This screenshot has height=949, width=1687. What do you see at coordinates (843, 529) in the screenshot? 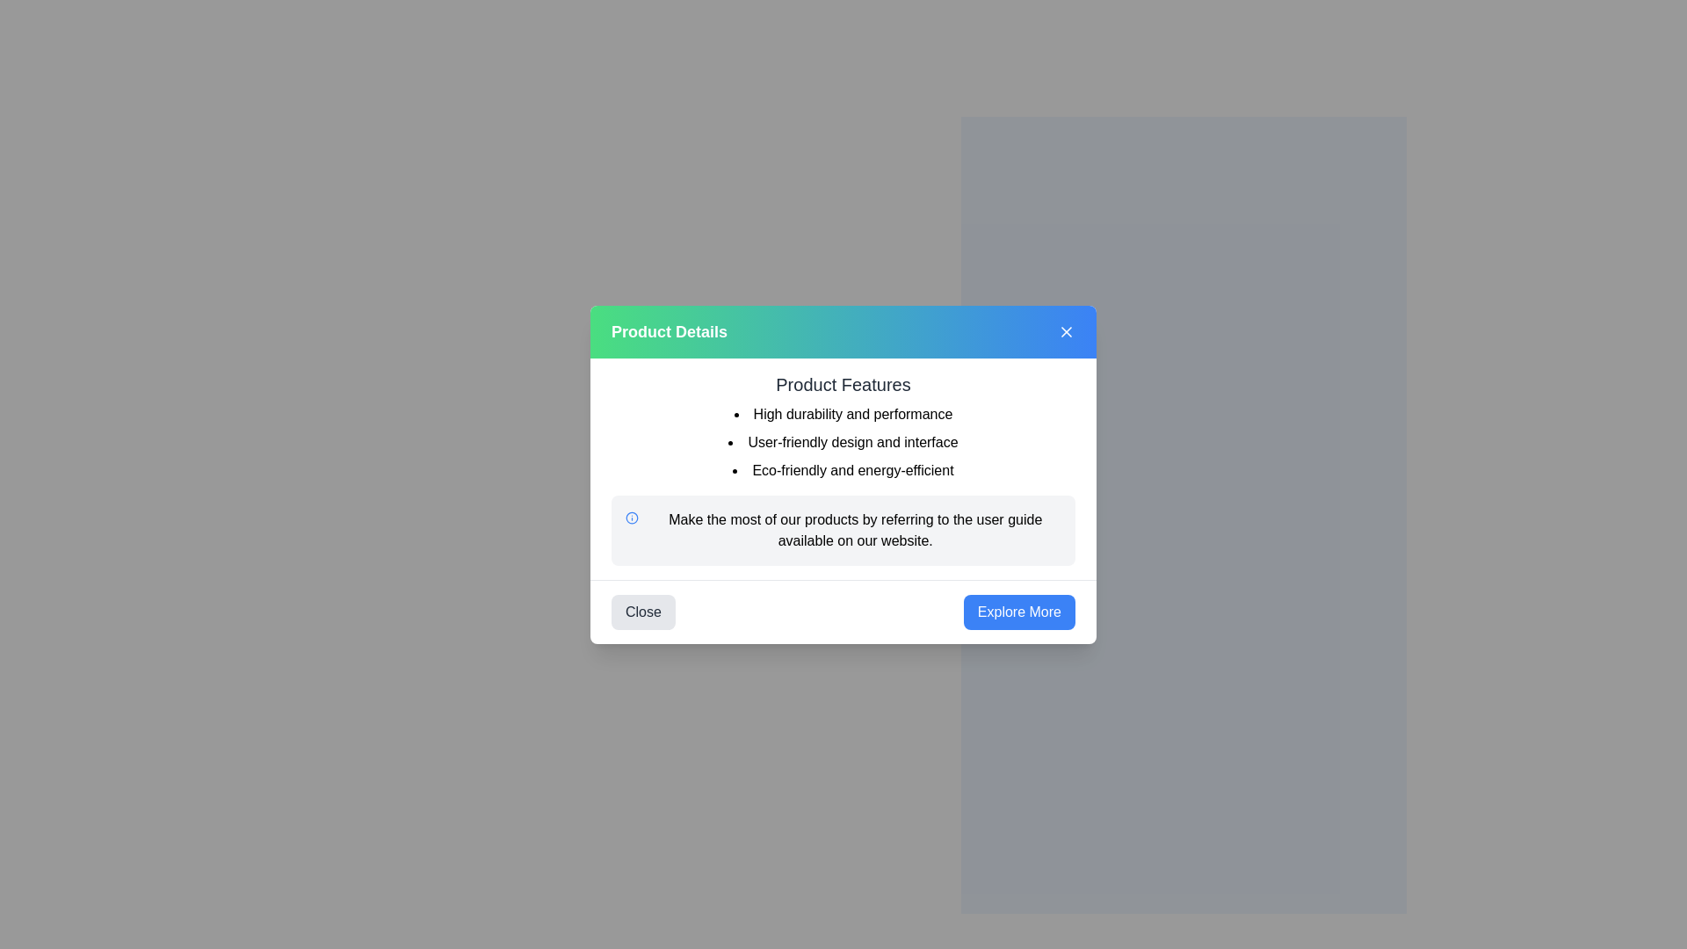
I see `the Informational banner located centrally beneath the 'Product Features' section to extract guidance information` at bounding box center [843, 529].